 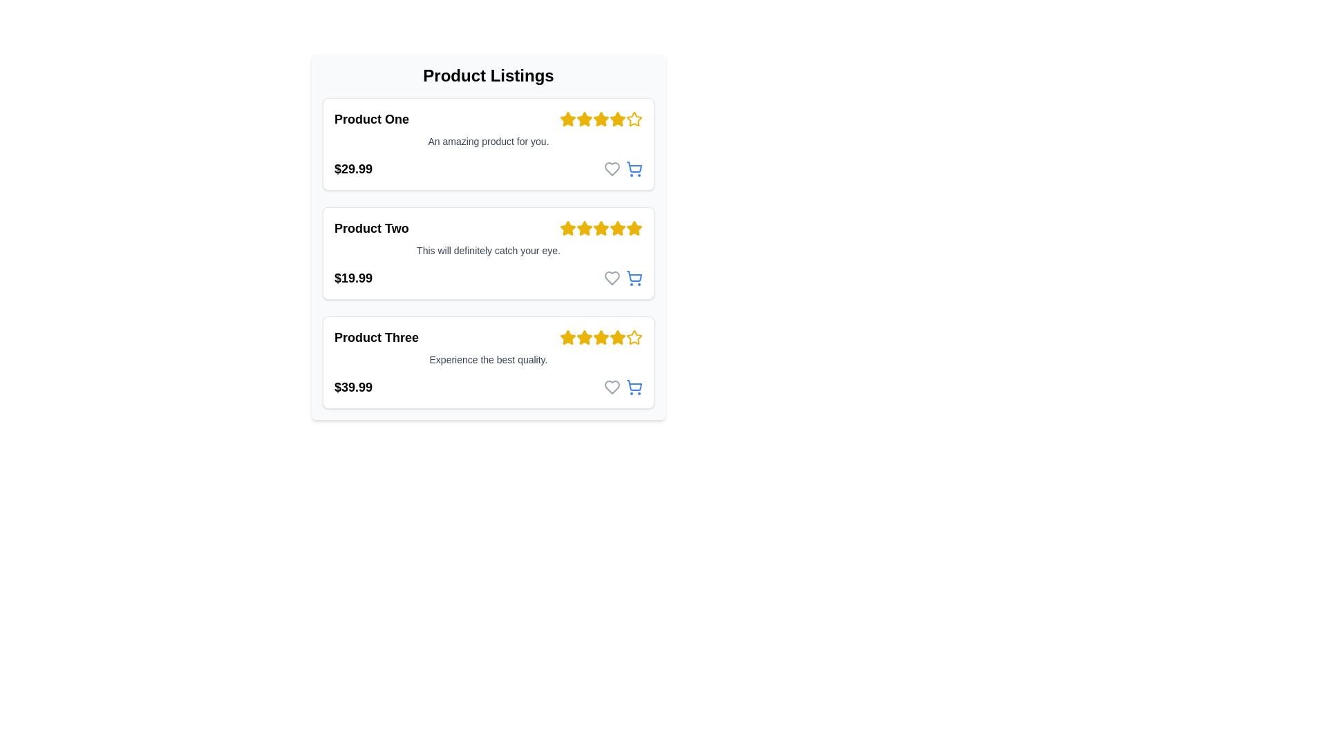 What do you see at coordinates (353, 169) in the screenshot?
I see `price displayed in the text element located in the first product listing below the title 'Product One' and above the description 'An amazing product for you.'` at bounding box center [353, 169].